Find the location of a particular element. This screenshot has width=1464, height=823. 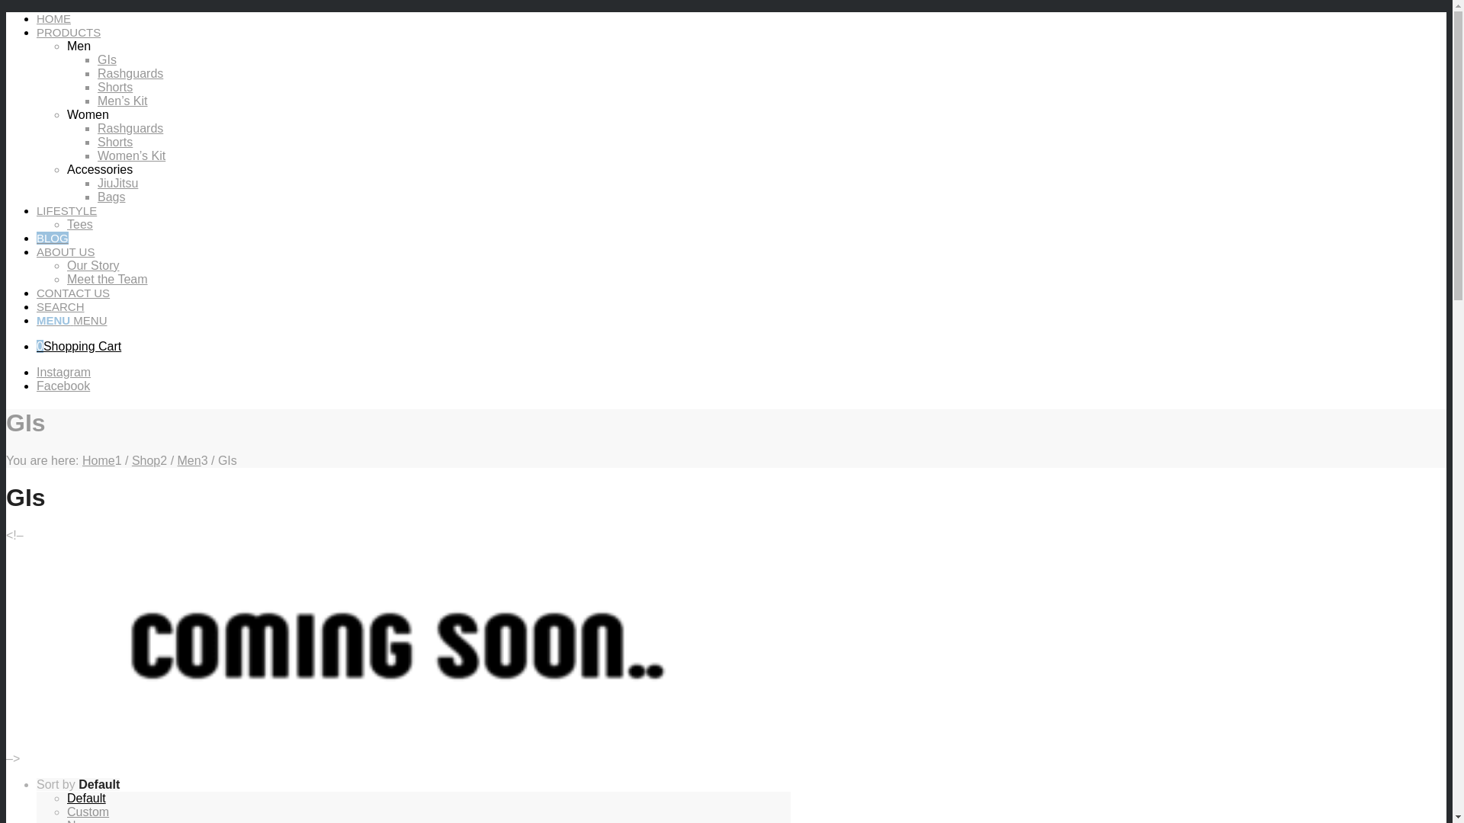

'LIFESTYLE' is located at coordinates (66, 210).